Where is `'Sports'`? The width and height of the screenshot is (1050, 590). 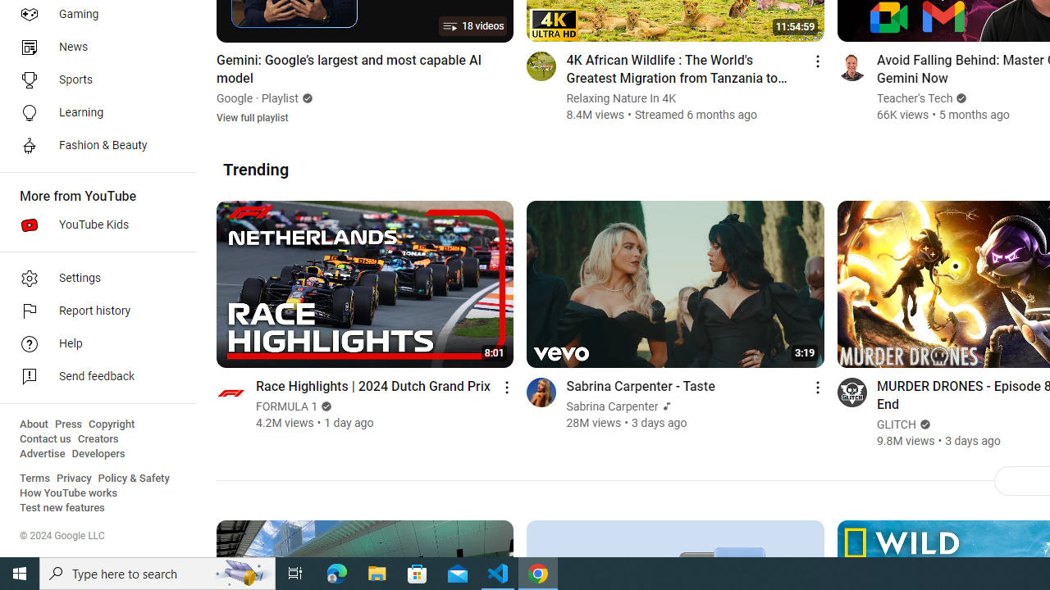
'Sports' is located at coordinates (92, 79).